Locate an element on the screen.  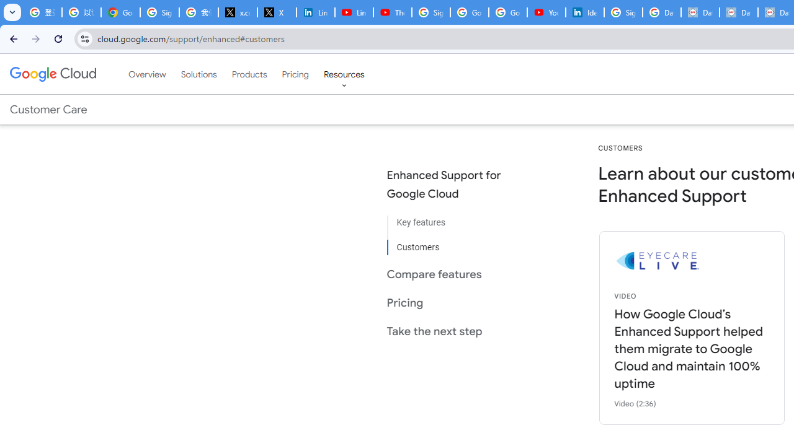
'X' is located at coordinates (276, 12).